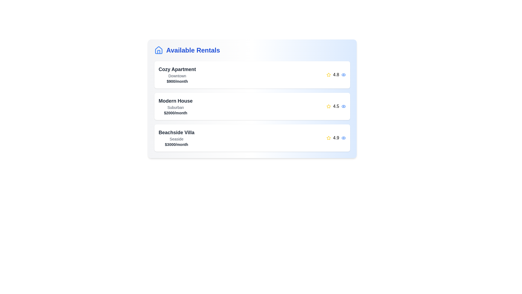 This screenshot has height=294, width=522. Describe the element at coordinates (252, 75) in the screenshot. I see `the rental item corresponding to Cozy Apartment` at that location.